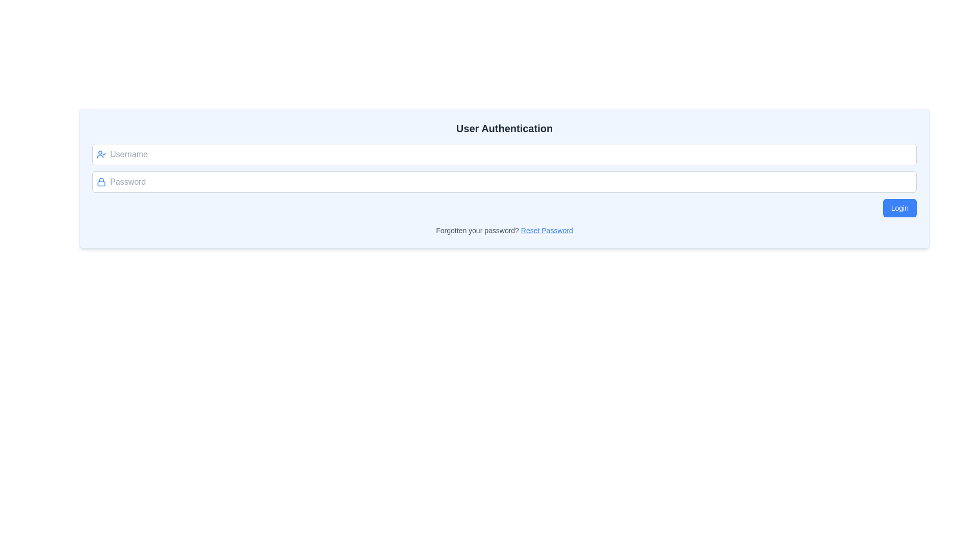 This screenshot has height=551, width=979. I want to click on the hyperlink that allows users, so click(546, 230).